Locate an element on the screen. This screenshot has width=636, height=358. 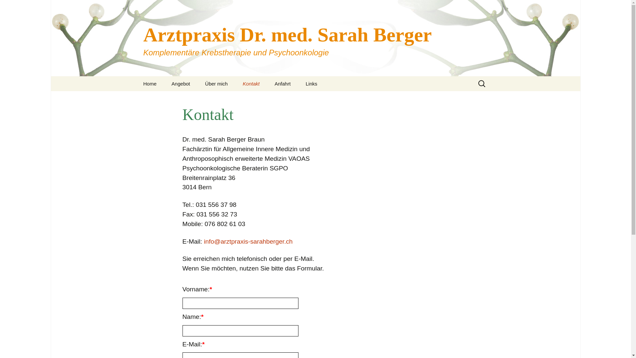
'info@arztpraxis-sarahberger.ch' is located at coordinates (248, 241).